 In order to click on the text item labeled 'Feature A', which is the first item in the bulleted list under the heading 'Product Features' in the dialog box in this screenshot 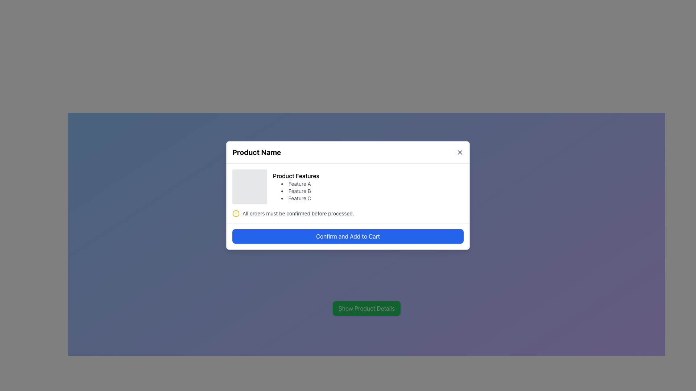, I will do `click(296, 184)`.